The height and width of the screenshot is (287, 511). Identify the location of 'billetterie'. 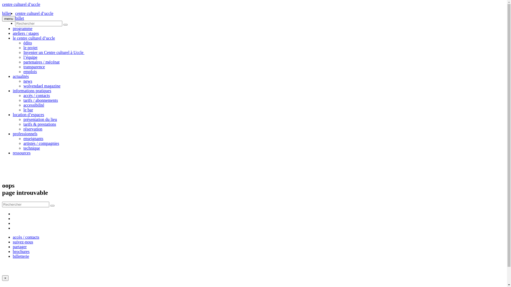
(21, 256).